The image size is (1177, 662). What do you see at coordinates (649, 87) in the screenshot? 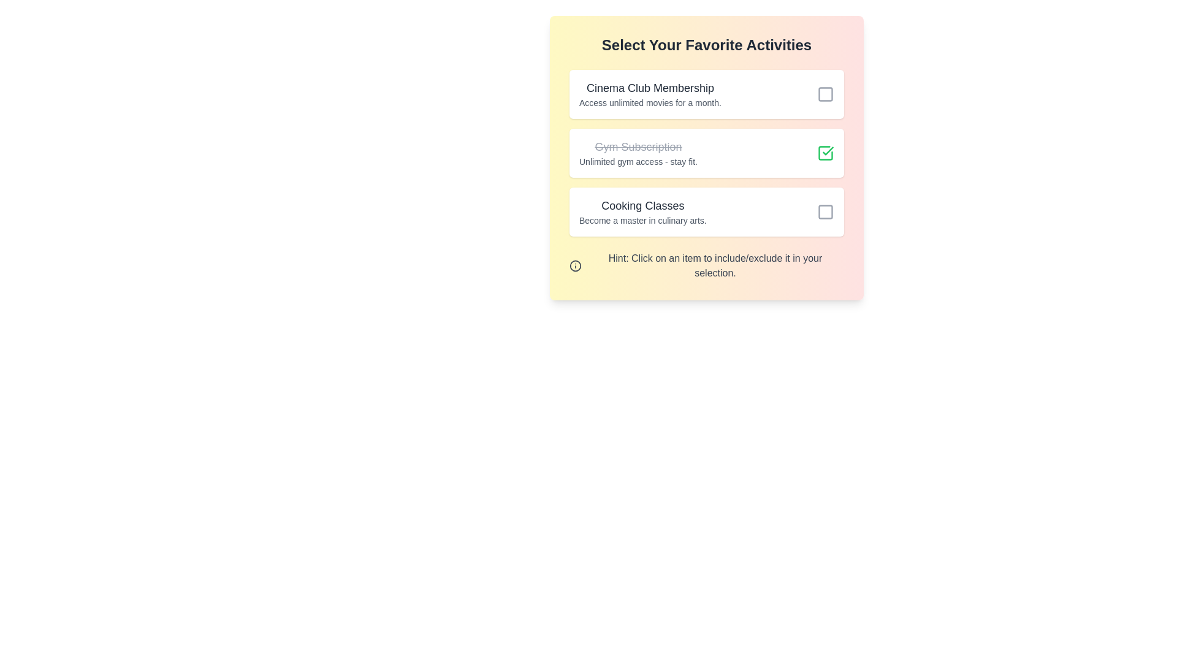
I see `the text label that describes the 'Cinema Club Membership' option, which is positioned at the top of the selection card` at bounding box center [649, 87].